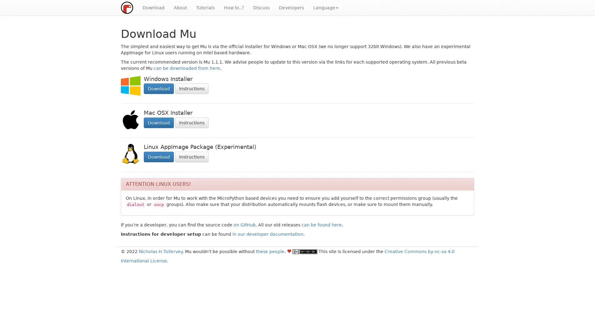 The width and height of the screenshot is (595, 335). What do you see at coordinates (192, 156) in the screenshot?
I see `Instructions` at bounding box center [192, 156].